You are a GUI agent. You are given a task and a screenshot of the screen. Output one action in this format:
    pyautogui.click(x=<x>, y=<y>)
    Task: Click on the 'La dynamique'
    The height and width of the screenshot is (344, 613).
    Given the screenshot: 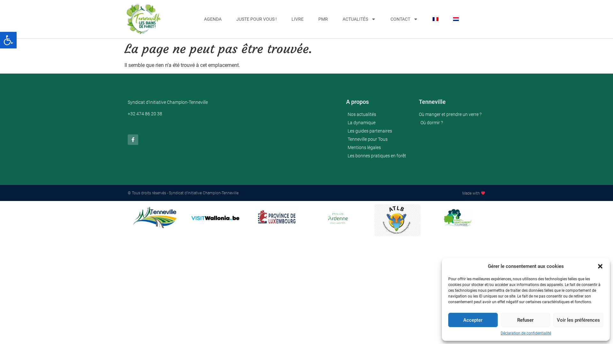 What is the action you would take?
    pyautogui.click(x=379, y=123)
    